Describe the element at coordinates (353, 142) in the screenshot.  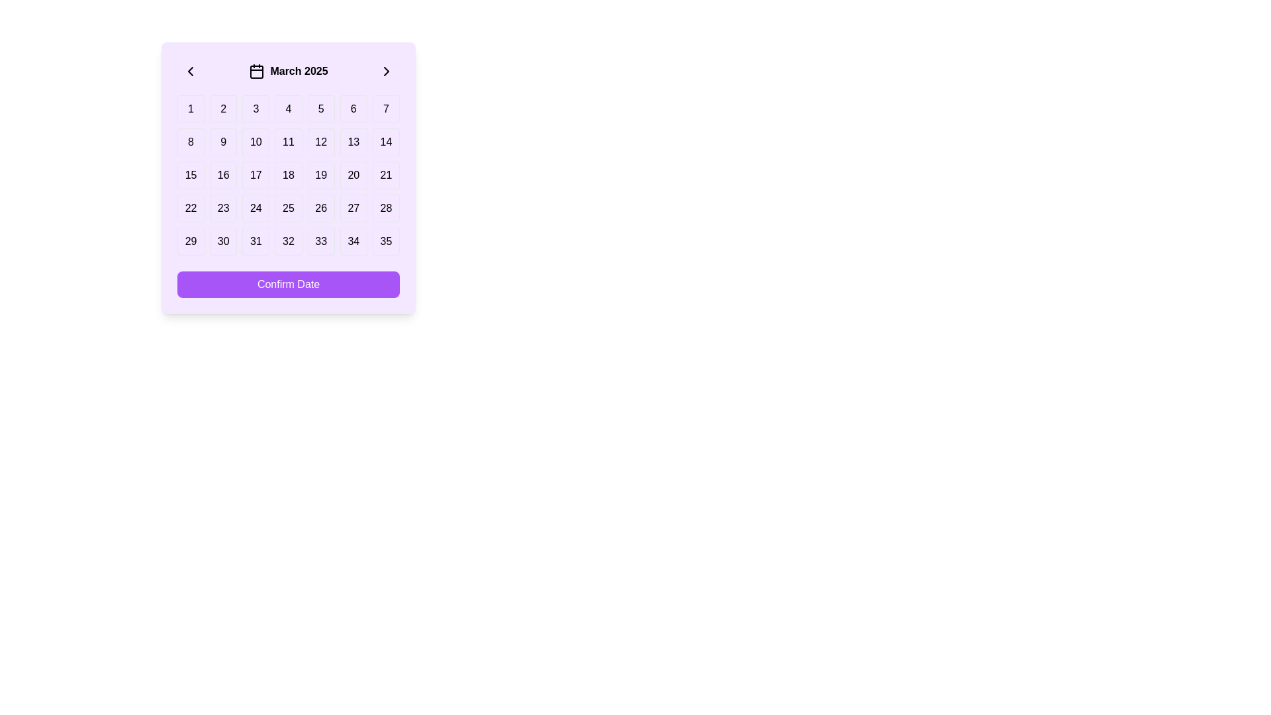
I see `the square button displaying the number '13' with a light lavender background` at that location.